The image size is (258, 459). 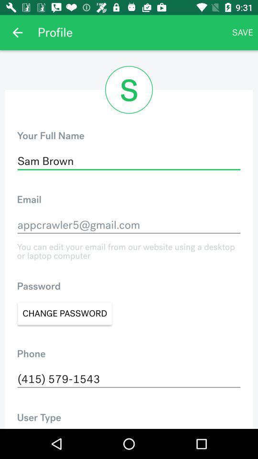 I want to click on the icon to the right of profile item, so click(x=242, y=33).